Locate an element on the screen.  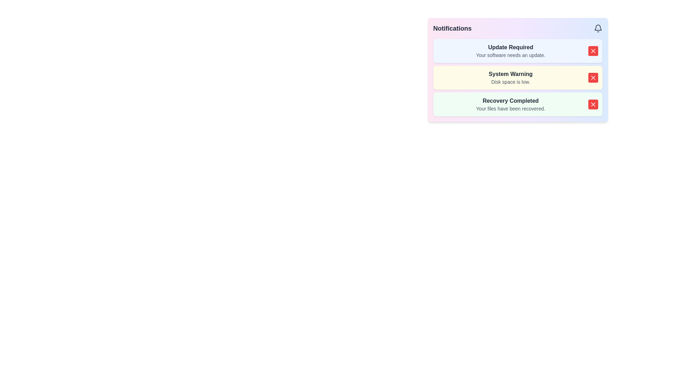
text content of the header Text Label located in the middle notification card of the notification panel, which summarizes the content of the notification is located at coordinates (511, 74).